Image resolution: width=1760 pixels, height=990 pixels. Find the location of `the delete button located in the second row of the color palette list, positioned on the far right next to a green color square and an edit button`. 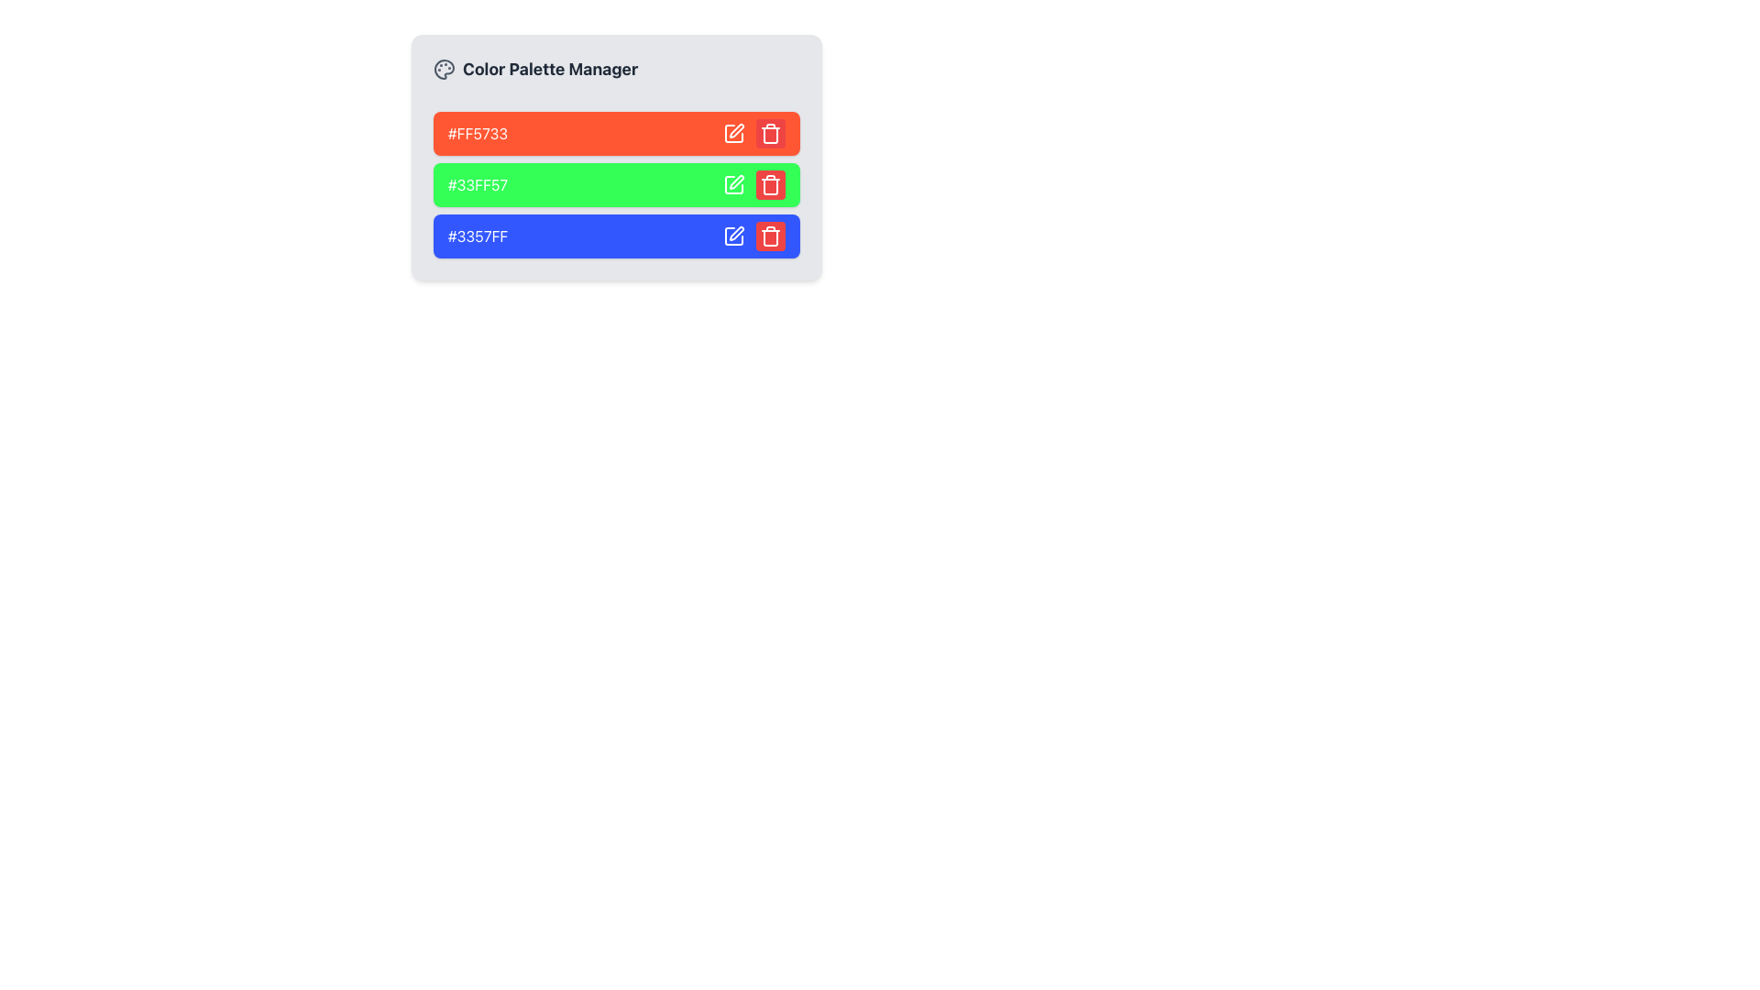

the delete button located in the second row of the color palette list, positioned on the far right next to a green color square and an edit button is located at coordinates (770, 184).